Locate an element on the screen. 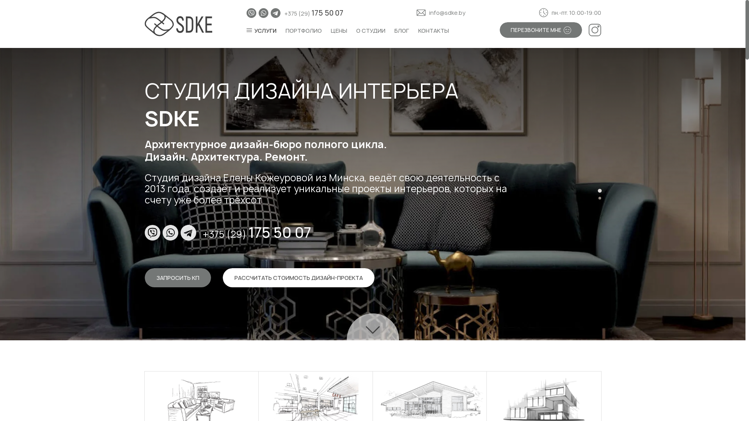 This screenshot has width=749, height=421. '+375 (29) 175 50 07' is located at coordinates (314, 13).